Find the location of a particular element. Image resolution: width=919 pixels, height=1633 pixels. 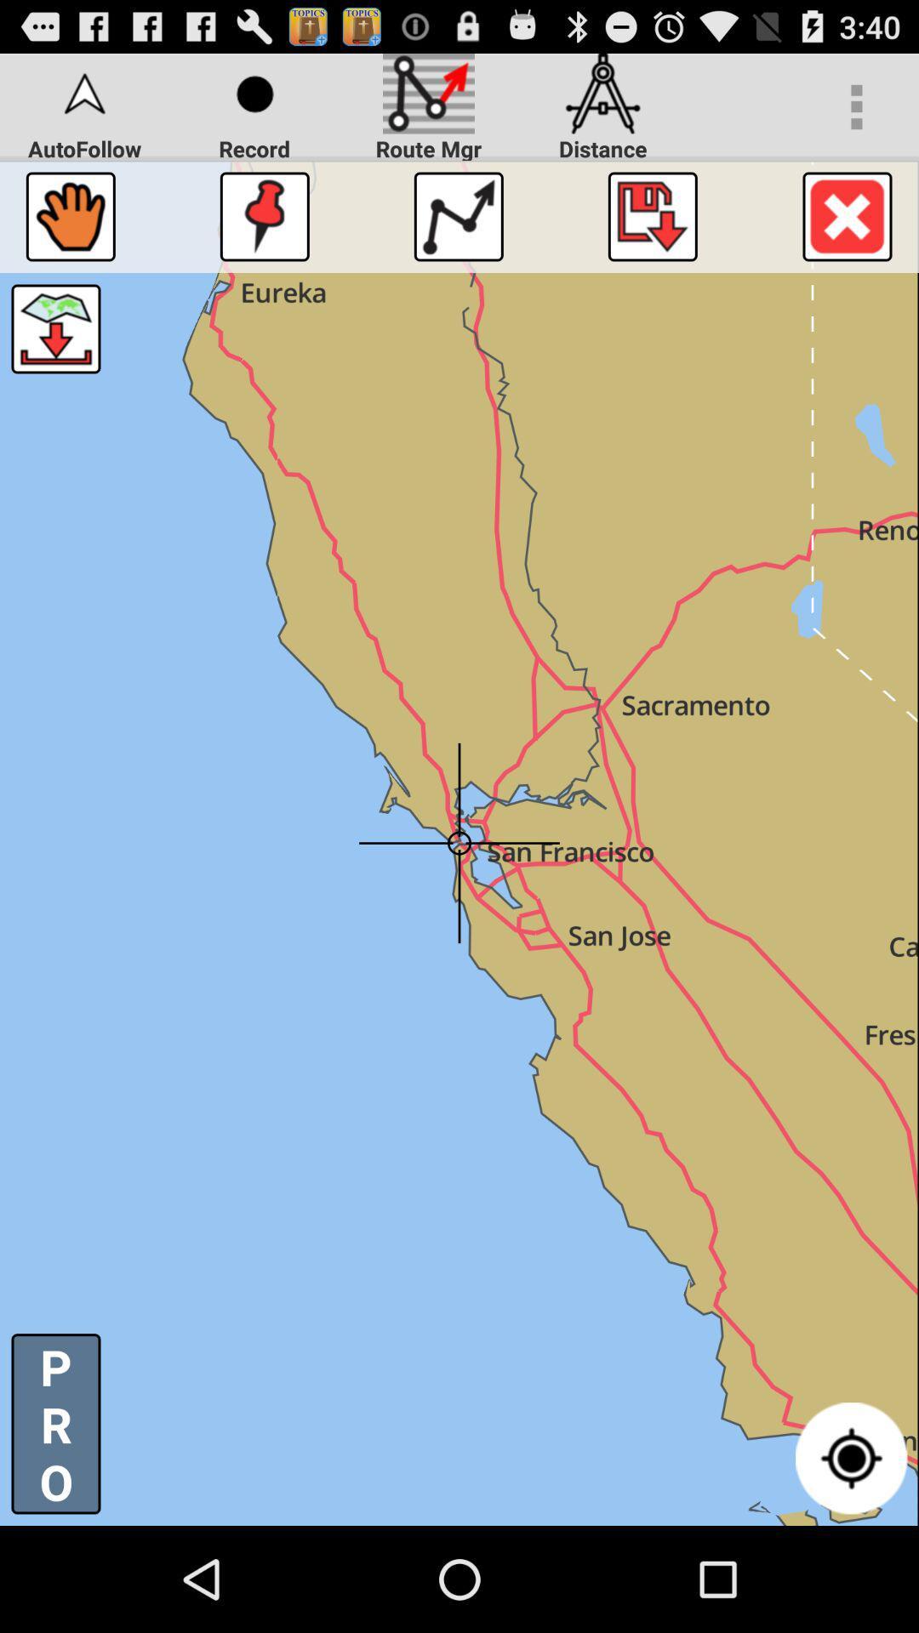

map is located at coordinates (652, 215).